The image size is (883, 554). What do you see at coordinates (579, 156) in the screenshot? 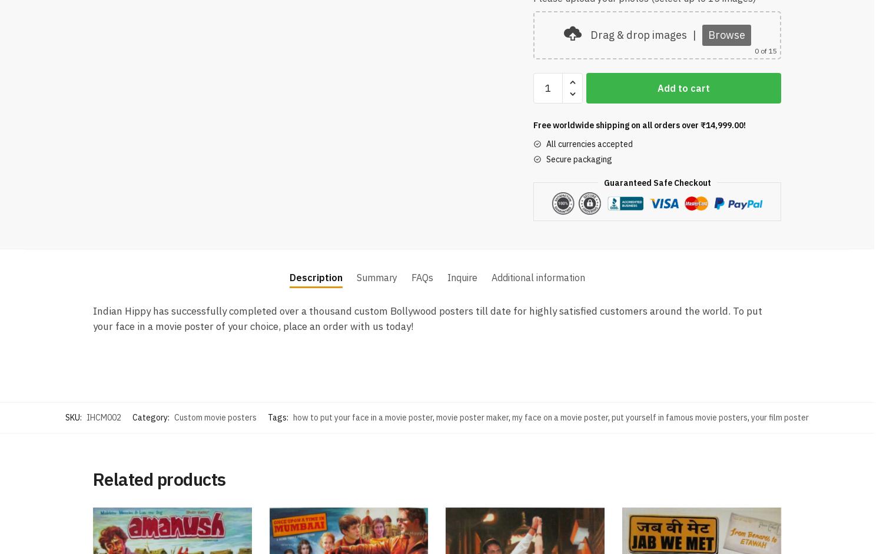
I see `'Secure packaging'` at bounding box center [579, 156].